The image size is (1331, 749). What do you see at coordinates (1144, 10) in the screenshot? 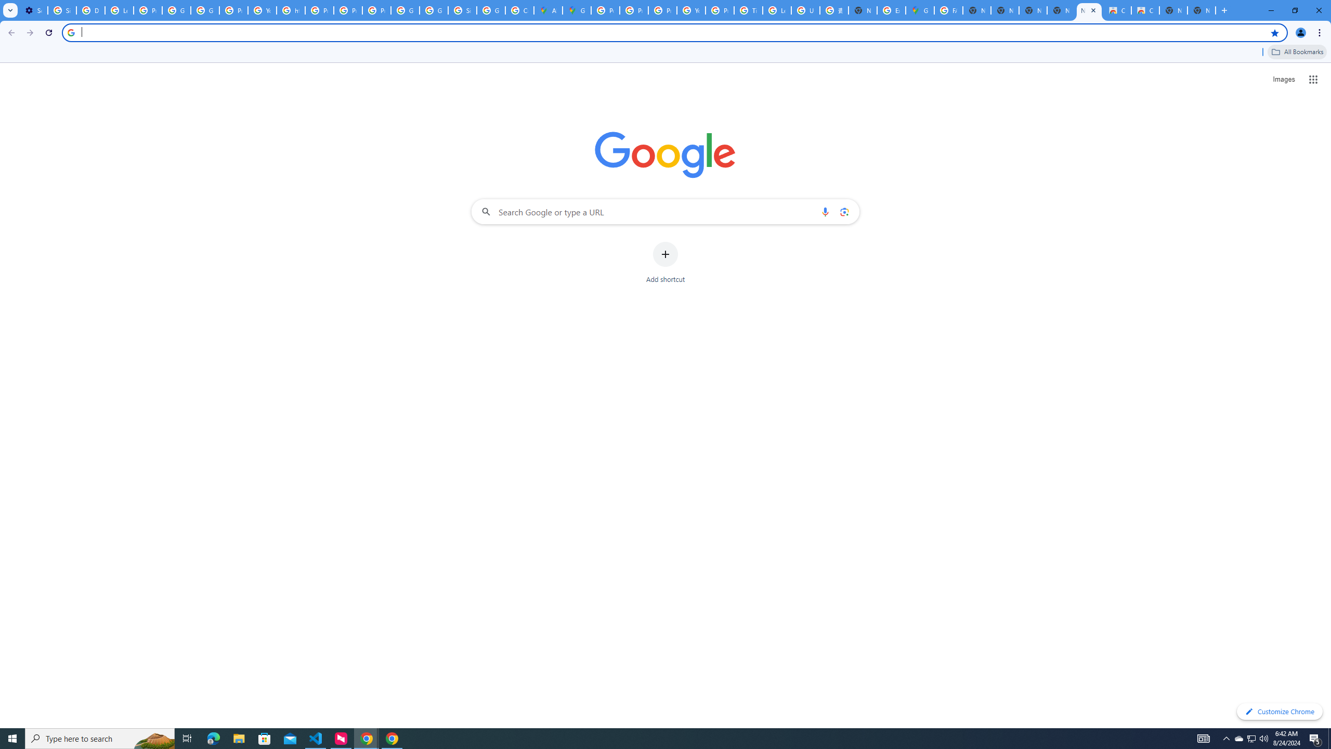
I see `'Classic Blue - Chrome Web Store'` at bounding box center [1144, 10].